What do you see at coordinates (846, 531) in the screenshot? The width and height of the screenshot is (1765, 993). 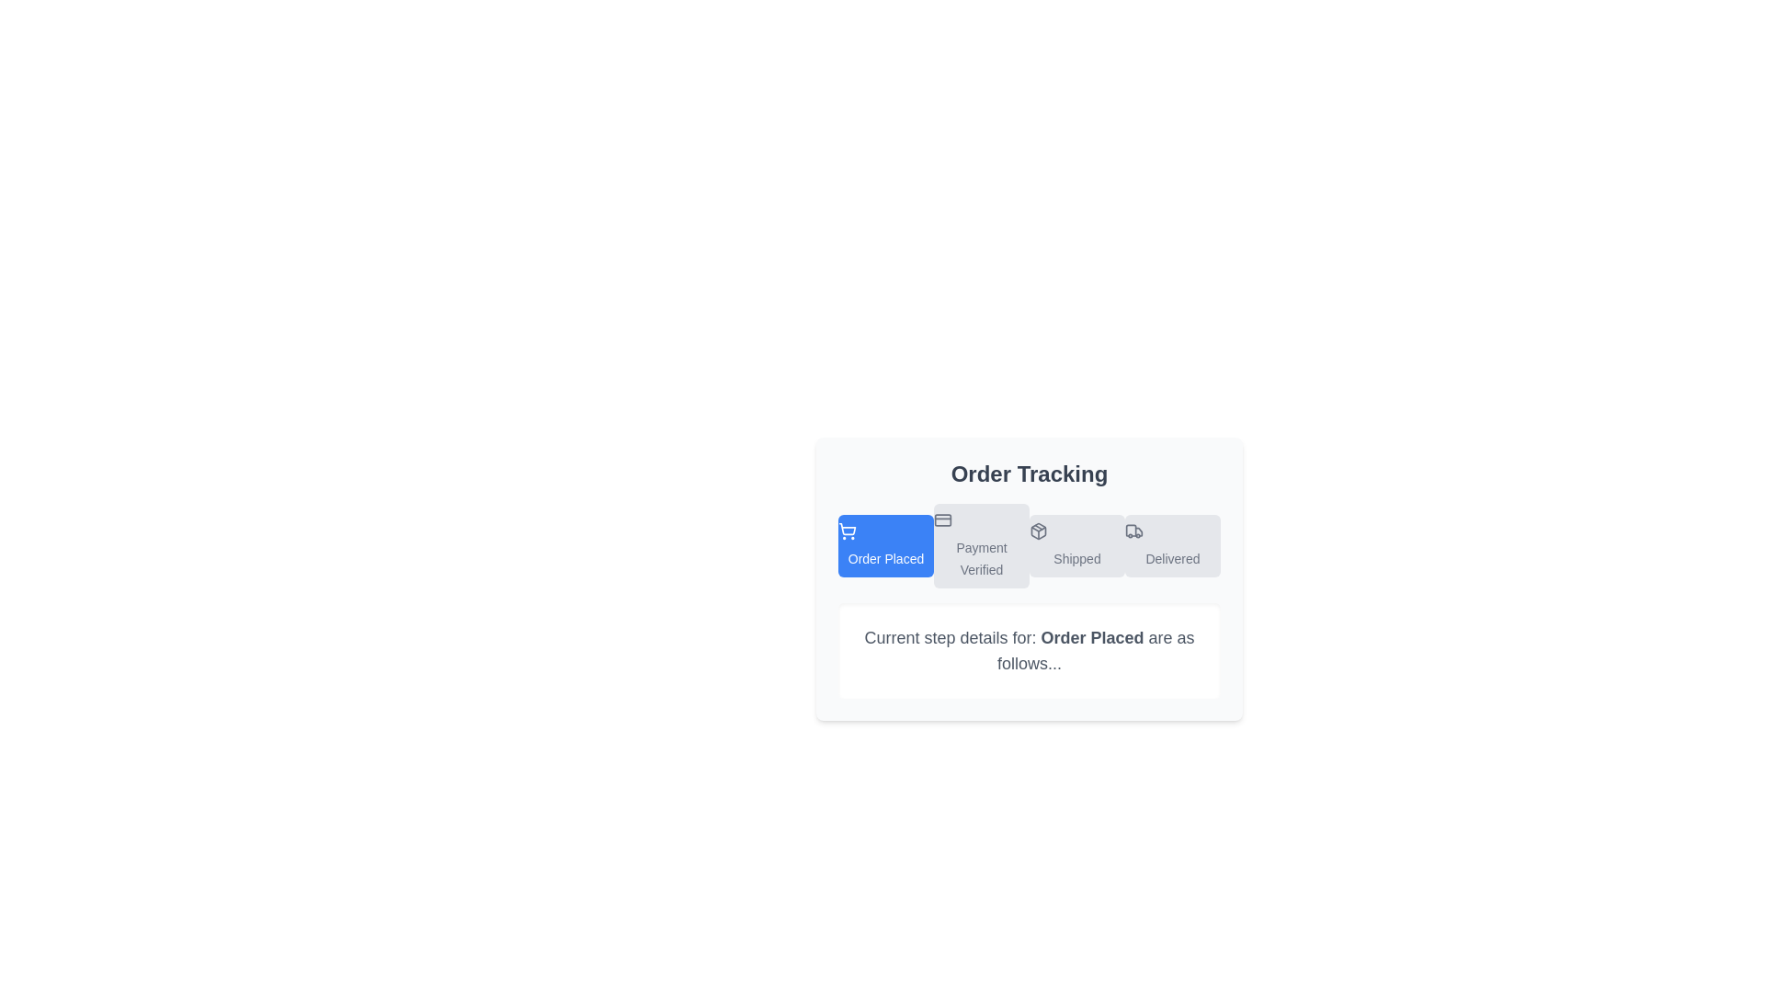 I see `the 'Order Placed' tab icon in the order tracking section` at bounding box center [846, 531].